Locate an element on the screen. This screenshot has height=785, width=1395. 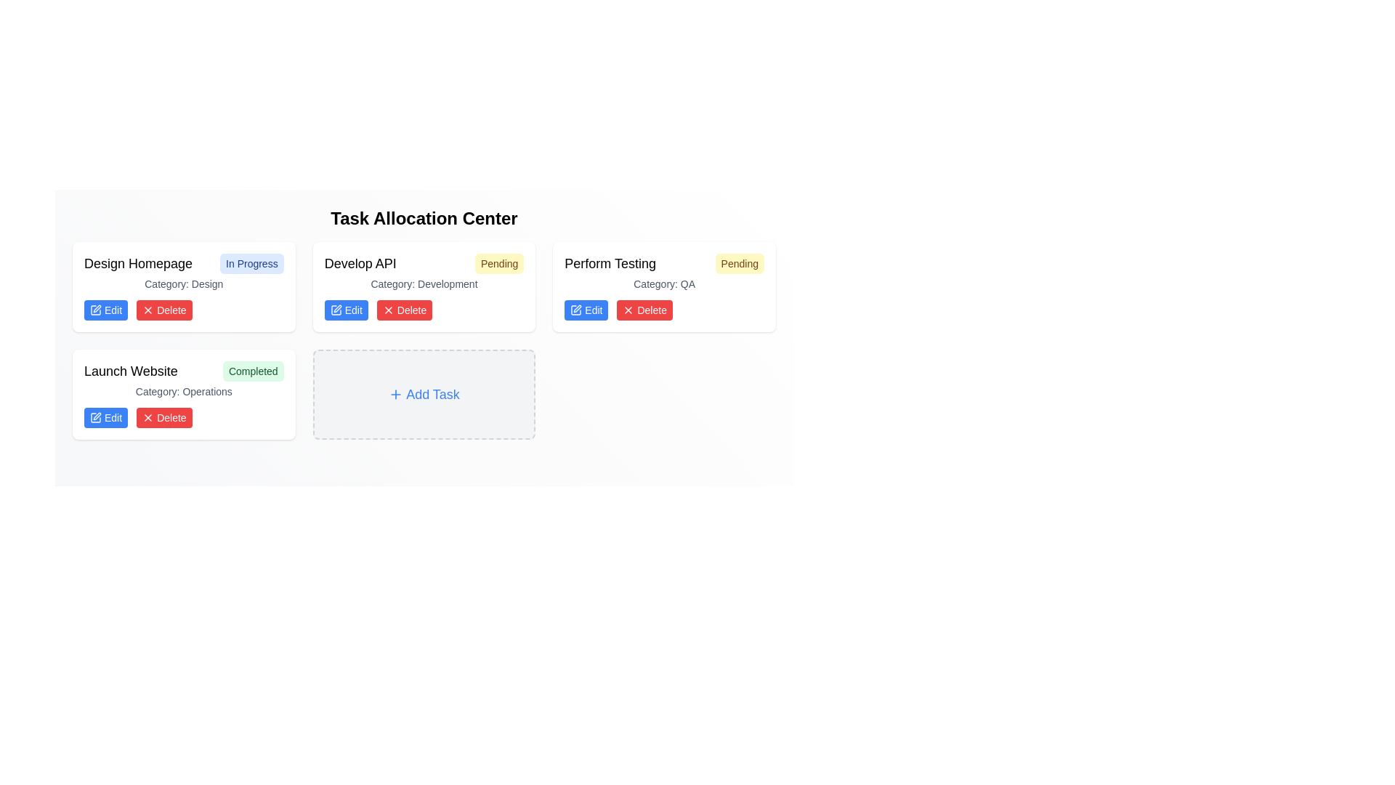
the text label reading 'Category: QA', which is styled in a small gray font and located below the title of the 'Perform Testing' task card is located at coordinates (663, 283).